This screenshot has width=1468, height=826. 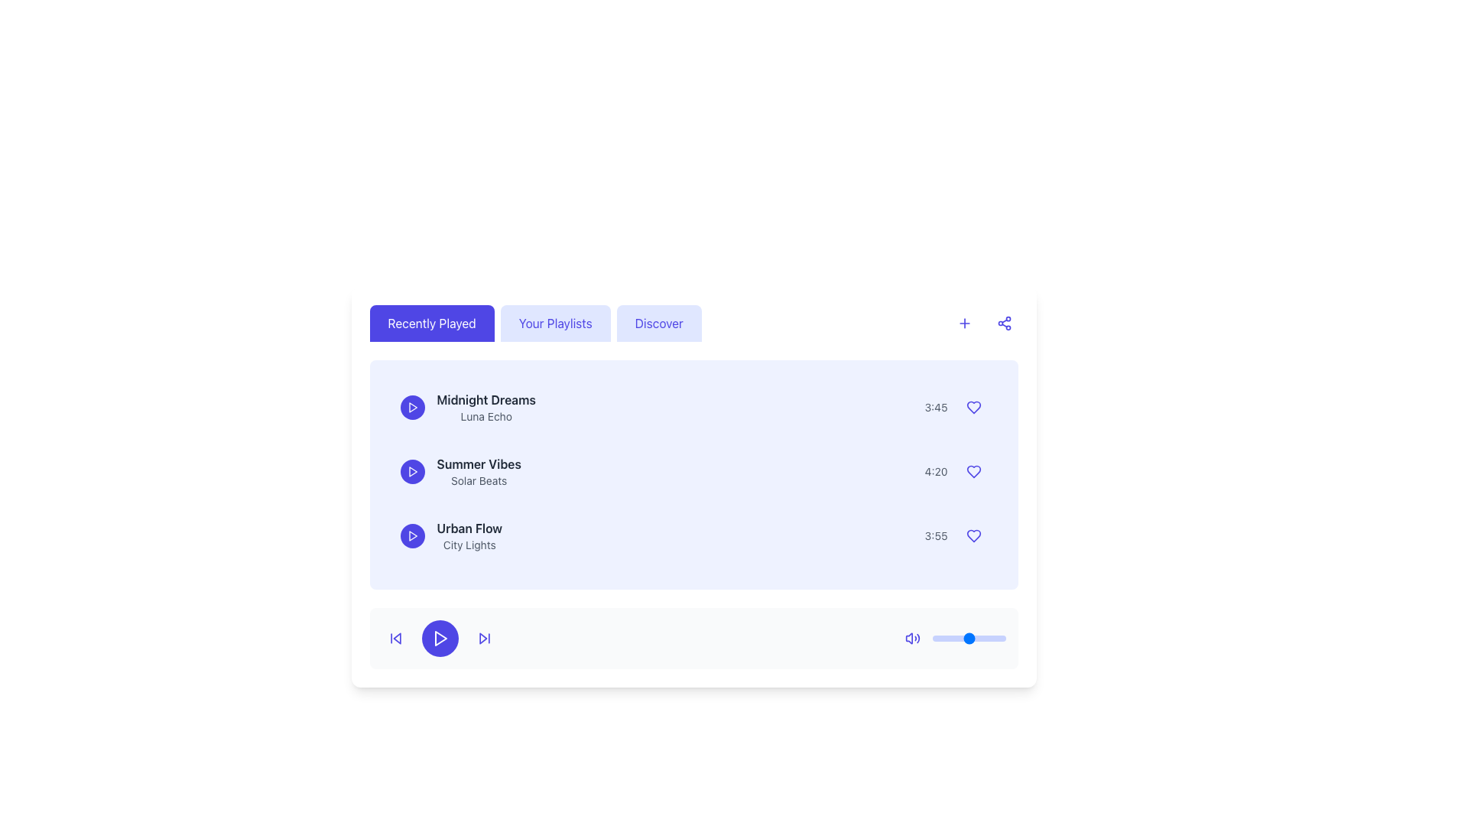 I want to click on the first button in the group of three buttons near the bottom center of the interface to skip to the previous track, so click(x=395, y=638).